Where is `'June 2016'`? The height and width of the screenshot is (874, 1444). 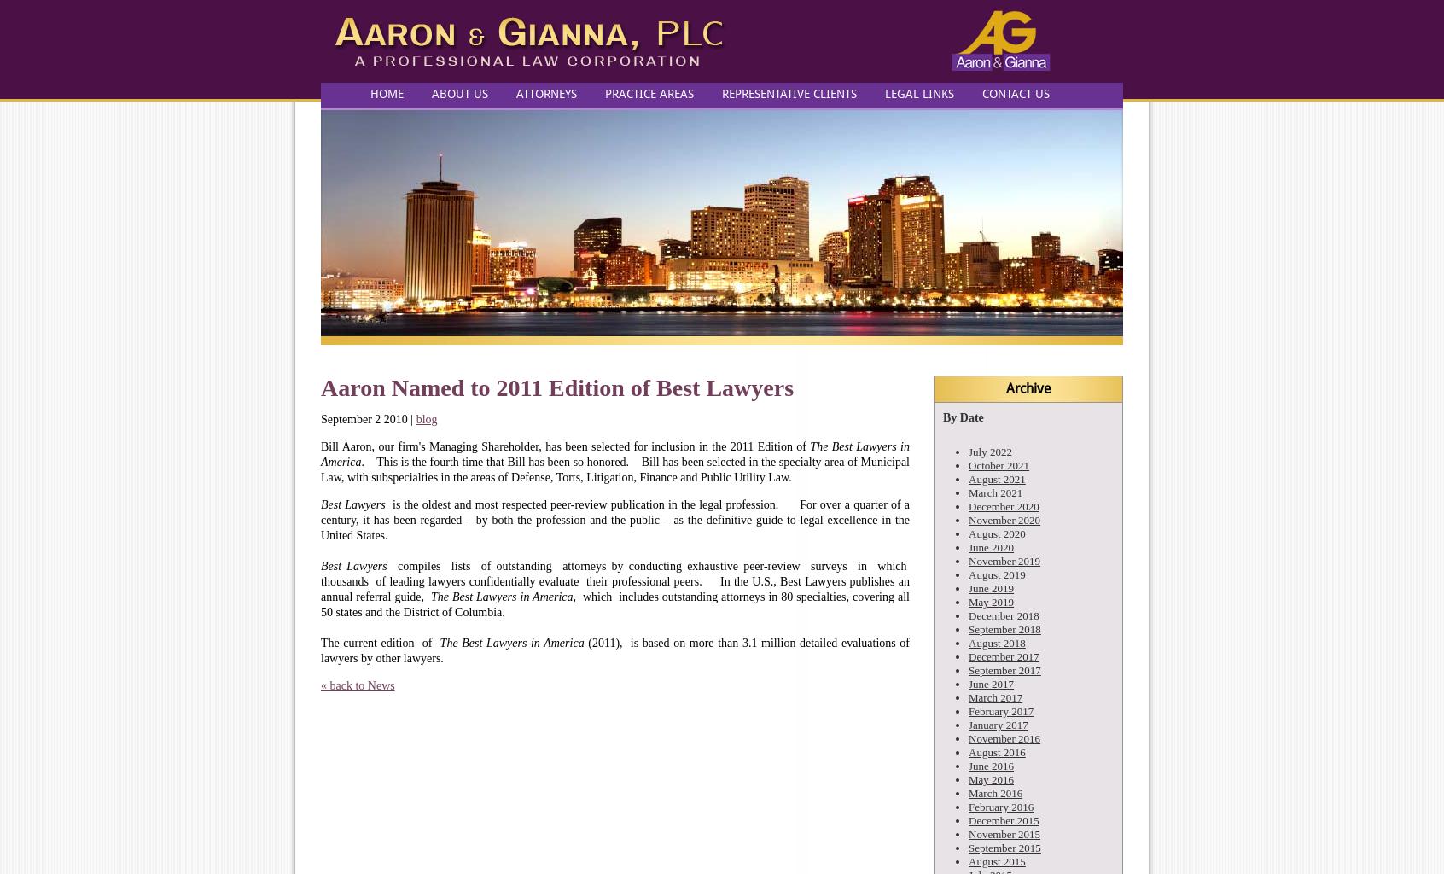
'June 2016' is located at coordinates (990, 765).